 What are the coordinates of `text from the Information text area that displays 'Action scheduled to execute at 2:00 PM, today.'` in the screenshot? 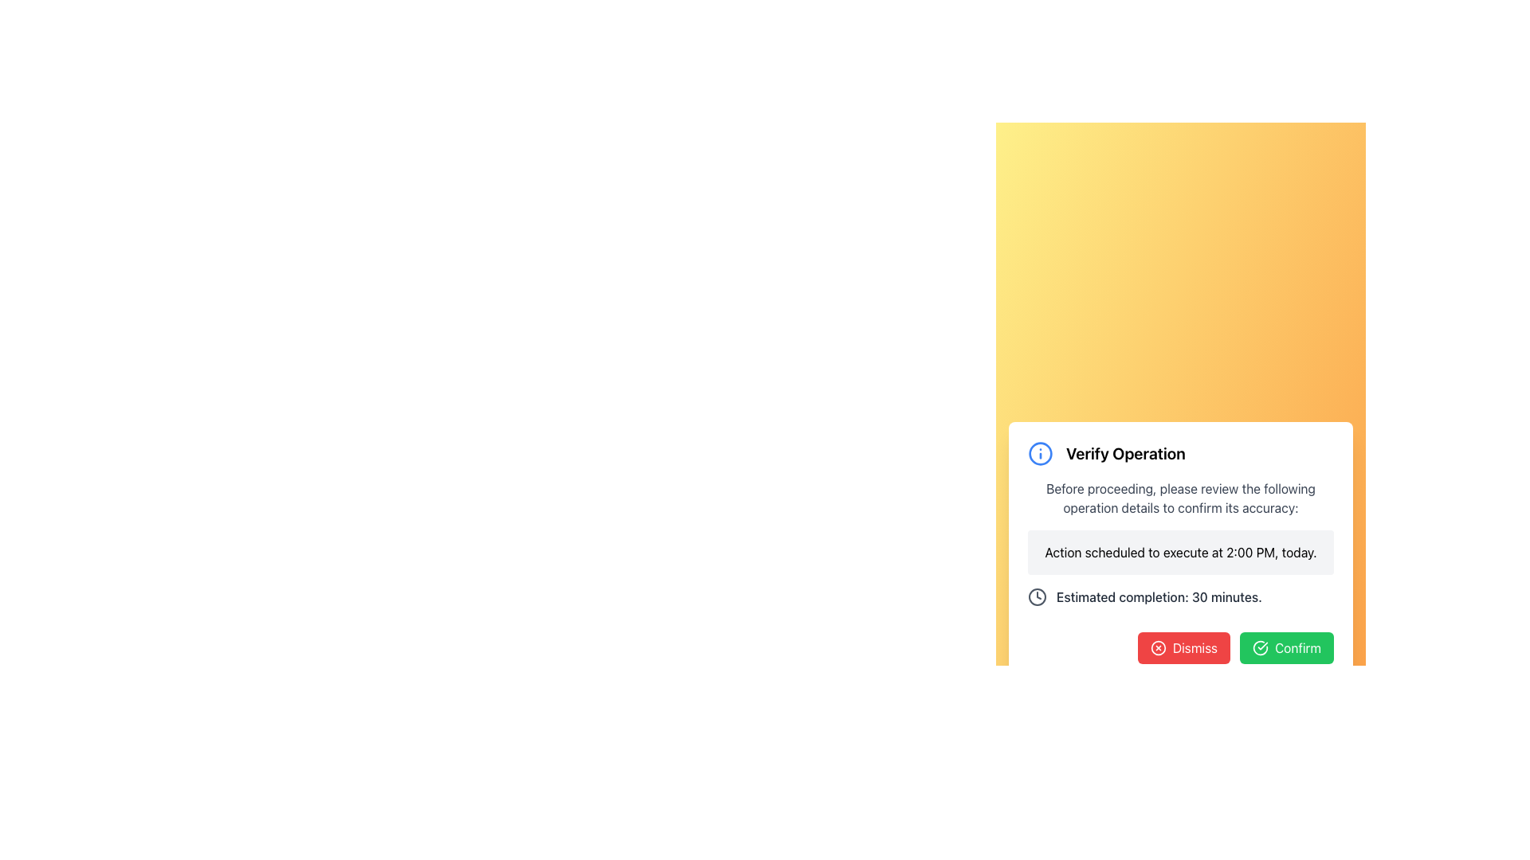 It's located at (1181, 552).